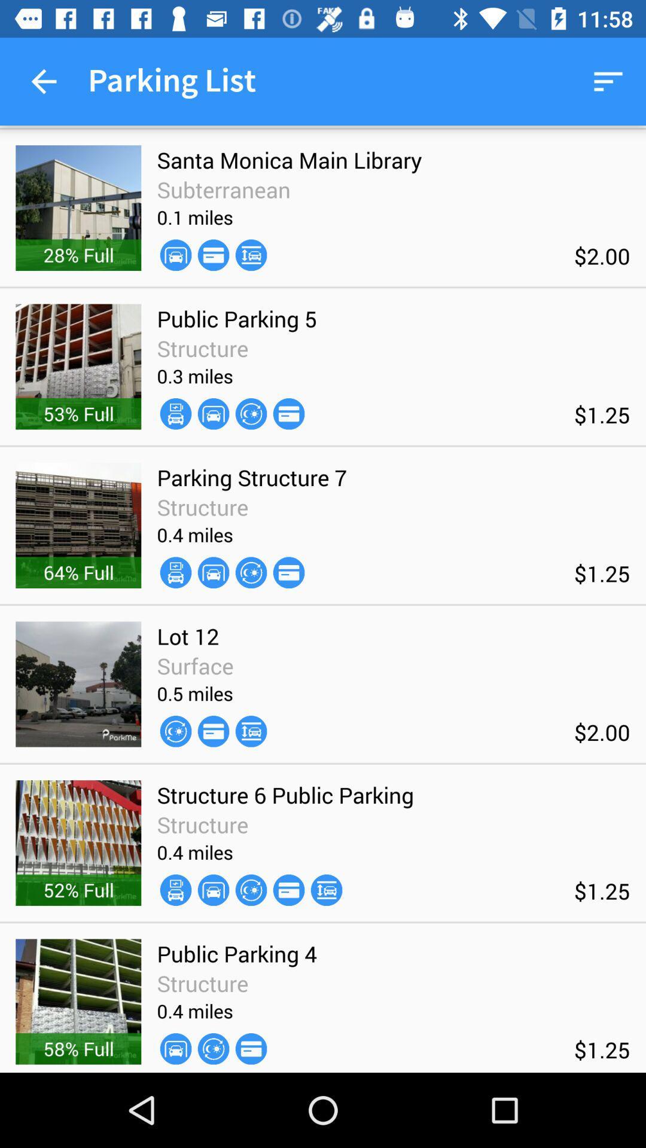 Image resolution: width=646 pixels, height=1148 pixels. What do you see at coordinates (251, 572) in the screenshot?
I see `icon to the right of the 0.4 miles icon` at bounding box center [251, 572].